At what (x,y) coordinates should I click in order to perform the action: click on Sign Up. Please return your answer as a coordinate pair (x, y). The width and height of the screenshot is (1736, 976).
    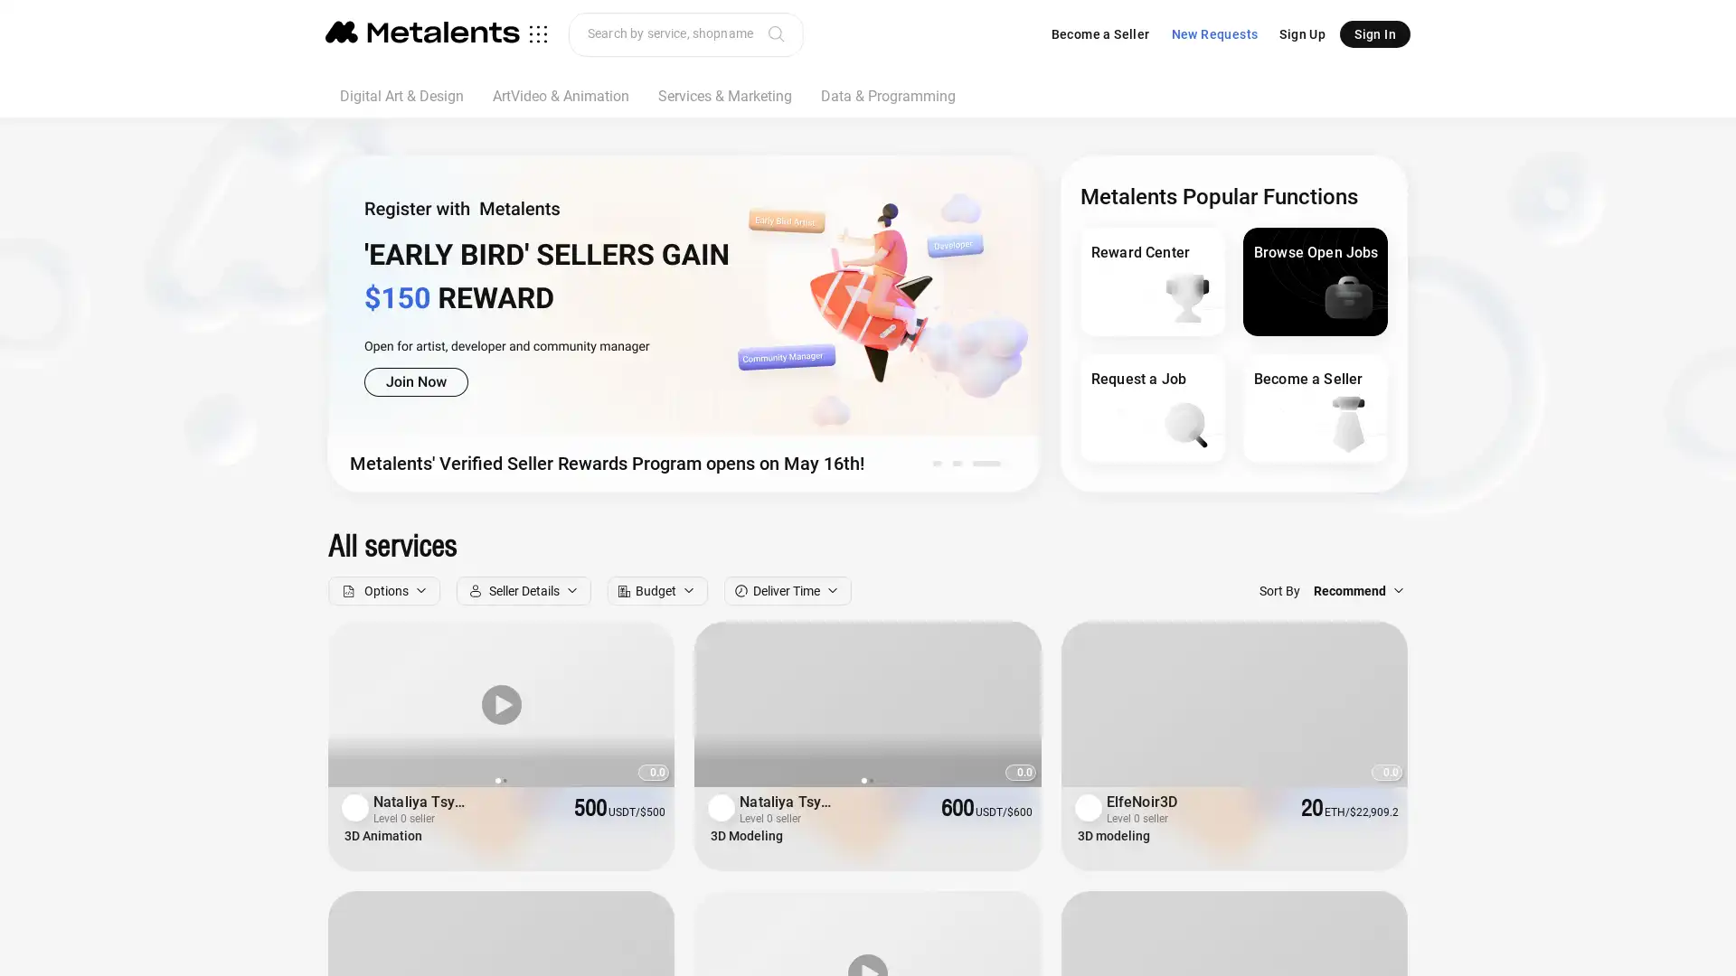
    Looking at the image, I should click on (1302, 34).